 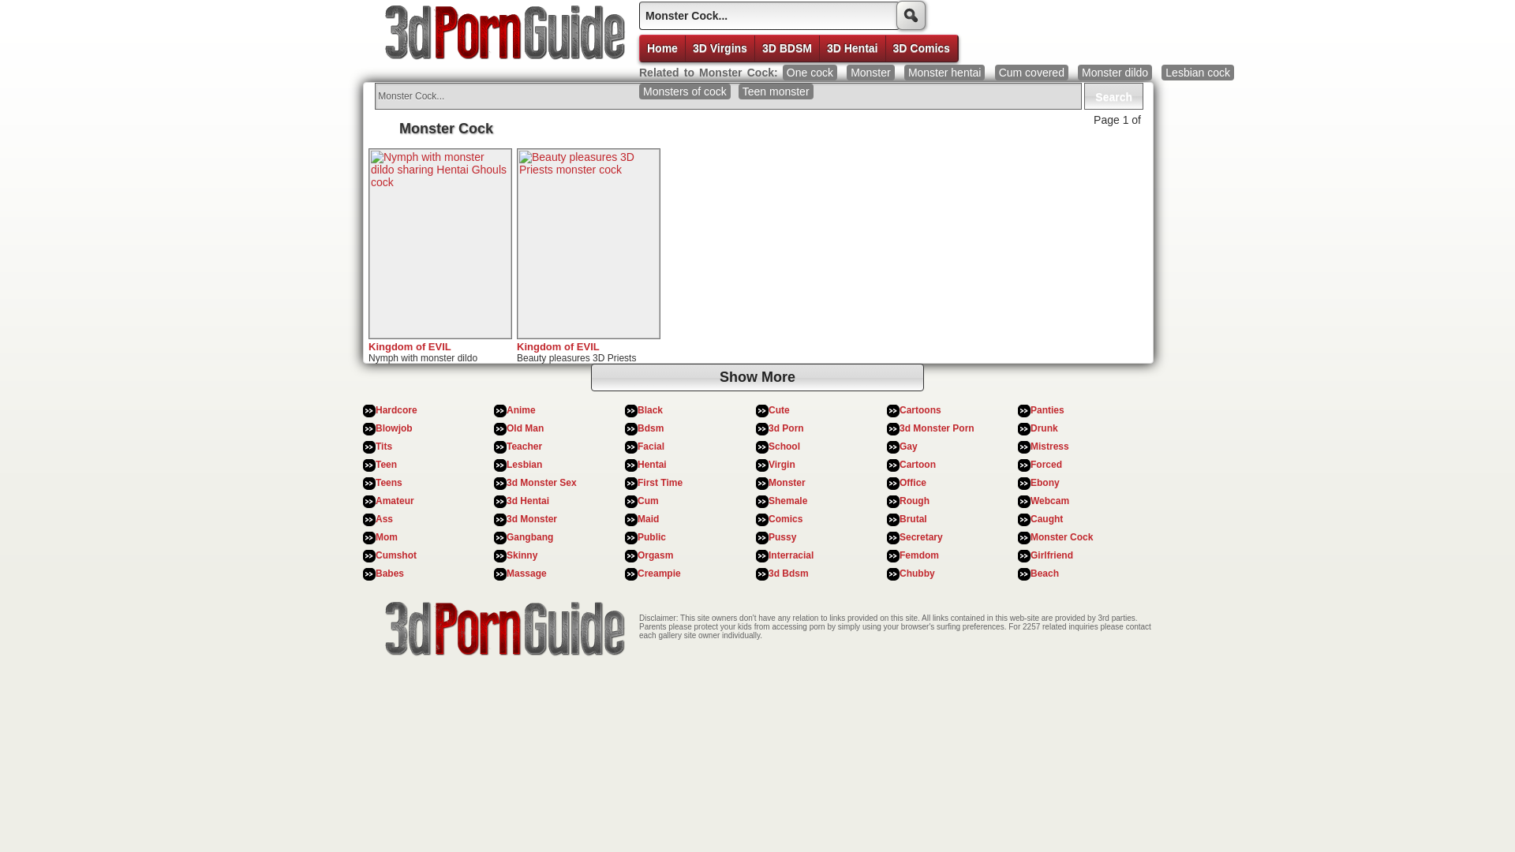 I want to click on 'Comics', so click(x=785, y=519).